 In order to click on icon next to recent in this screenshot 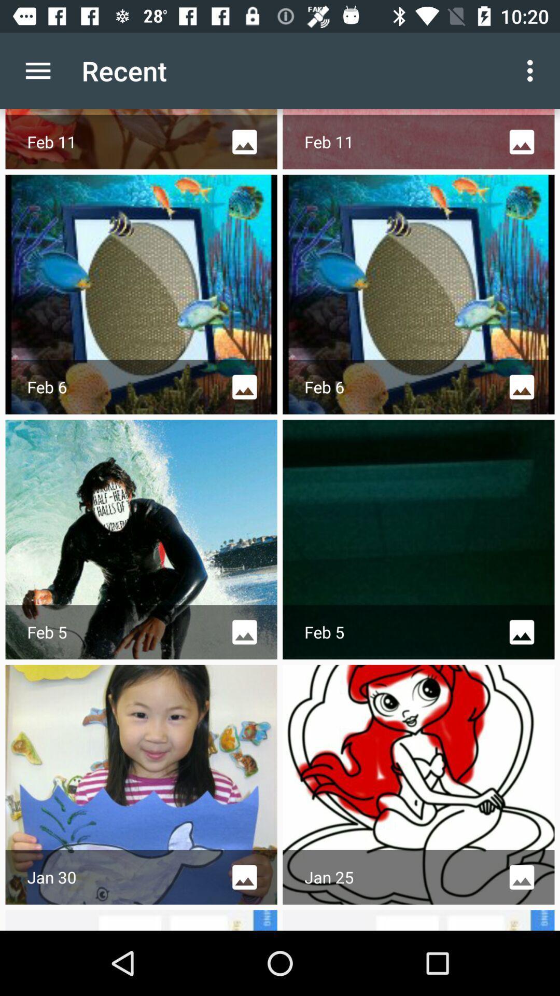, I will do `click(37, 70)`.